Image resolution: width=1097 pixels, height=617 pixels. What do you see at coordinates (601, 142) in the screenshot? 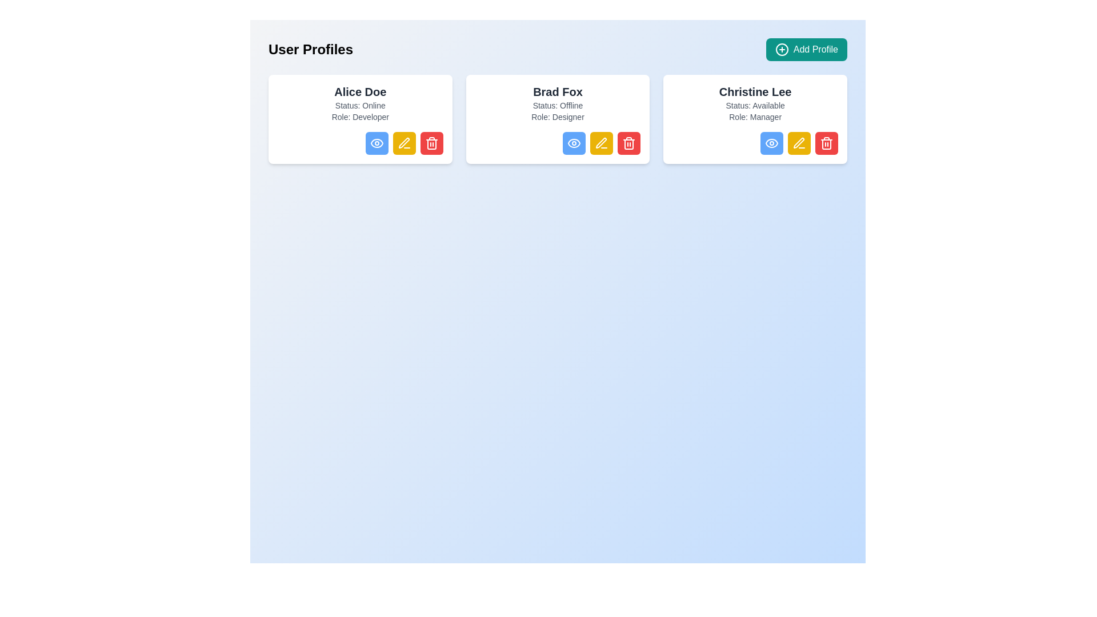
I see `the icon button resembling a pen with a yellow background, positioned below the user 'Brad Fox'` at bounding box center [601, 142].